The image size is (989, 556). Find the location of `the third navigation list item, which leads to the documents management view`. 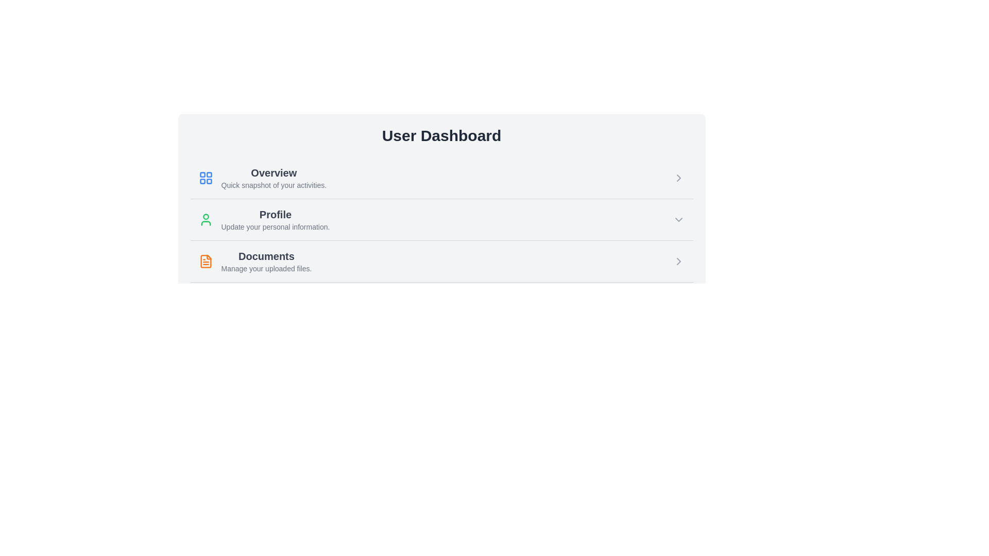

the third navigation list item, which leads to the documents management view is located at coordinates (441, 260).